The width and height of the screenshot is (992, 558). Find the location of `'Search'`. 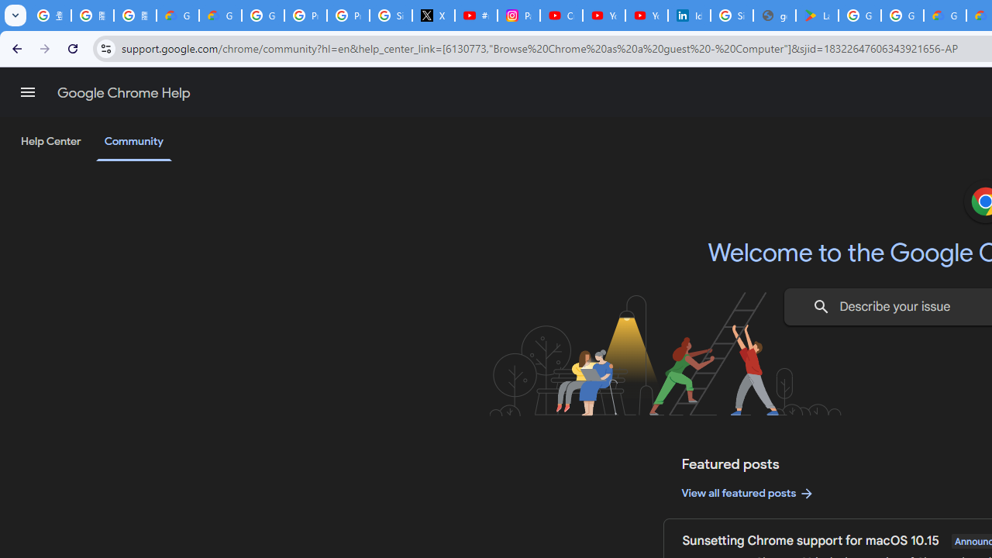

'Search' is located at coordinates (820, 307).